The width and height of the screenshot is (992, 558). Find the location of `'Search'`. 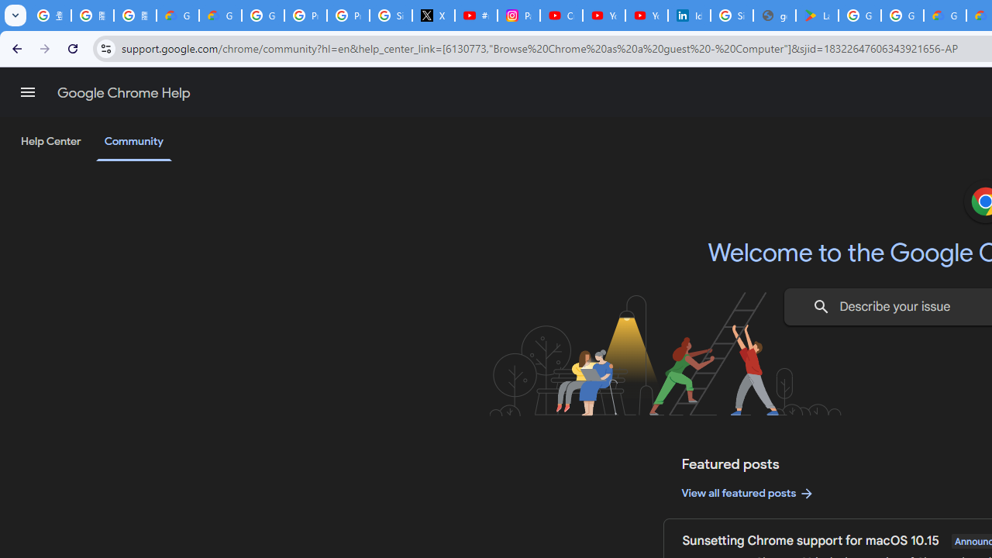

'Search' is located at coordinates (820, 307).